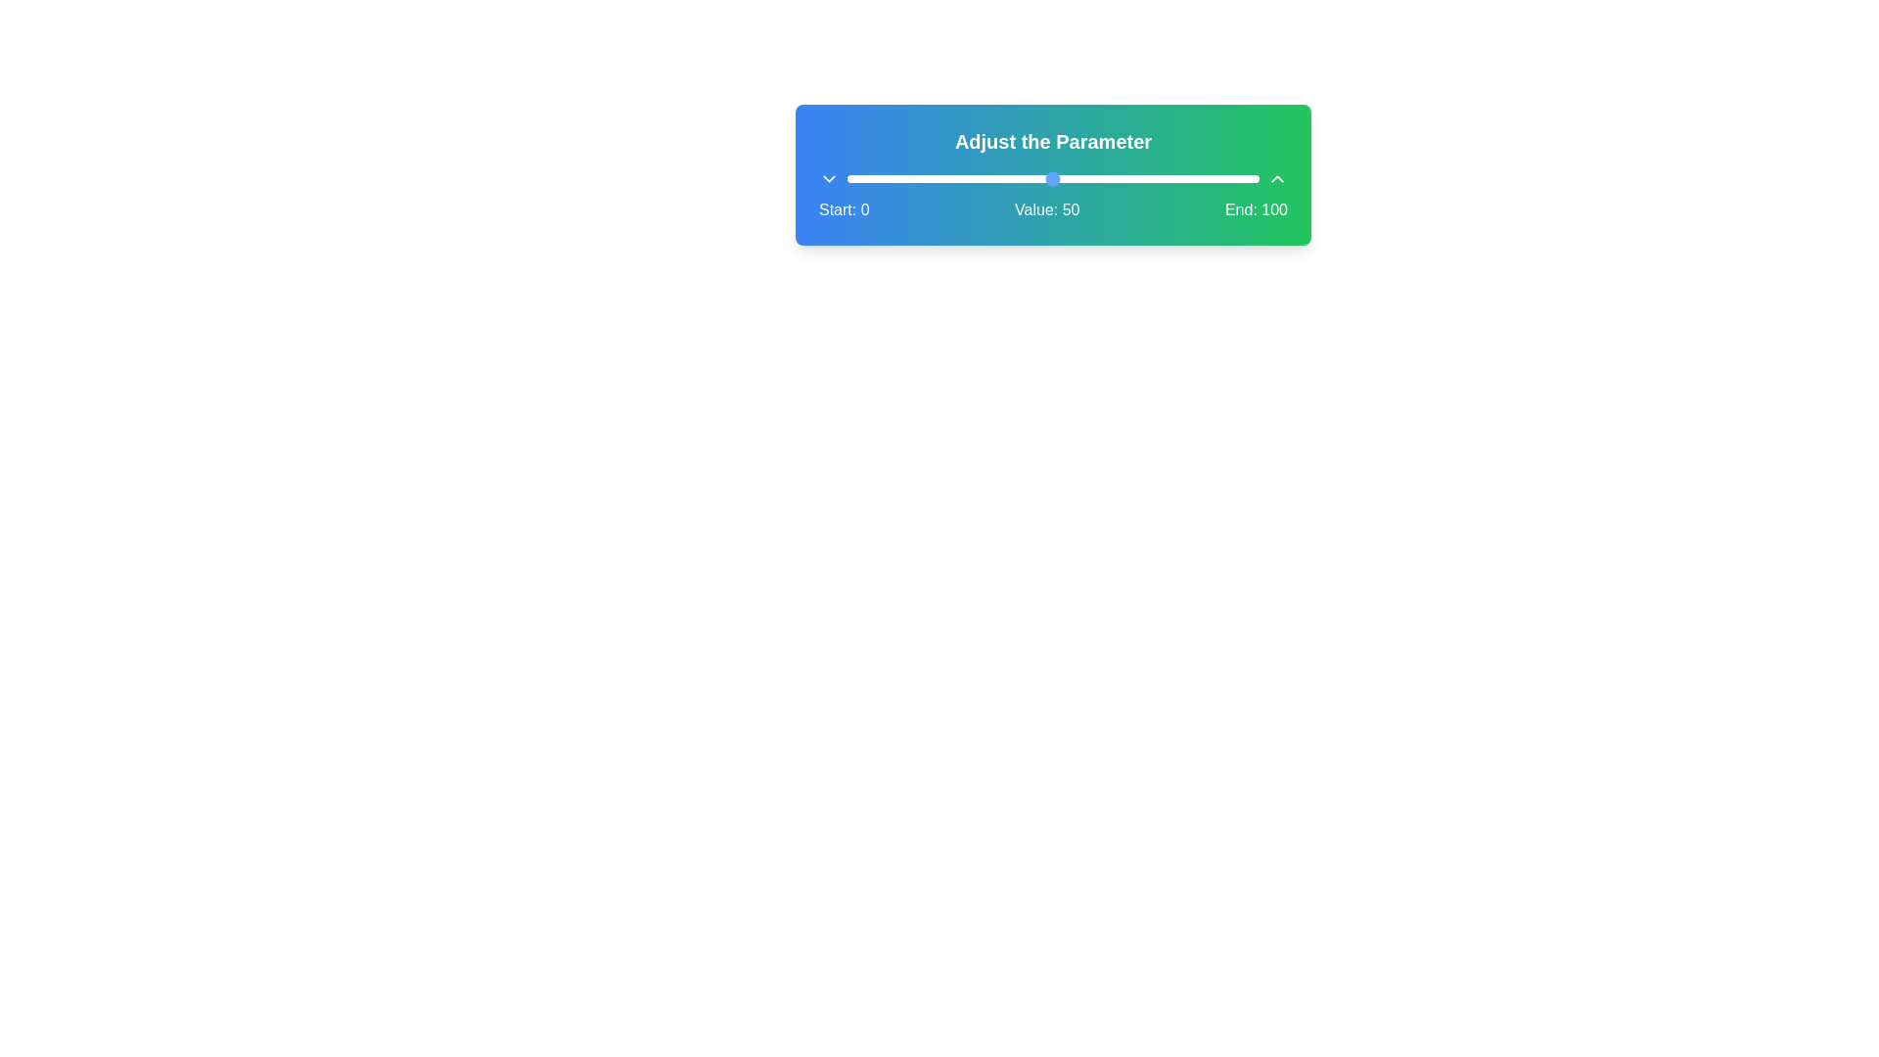 This screenshot has height=1057, width=1879. I want to click on the parameter, so click(1188, 178).